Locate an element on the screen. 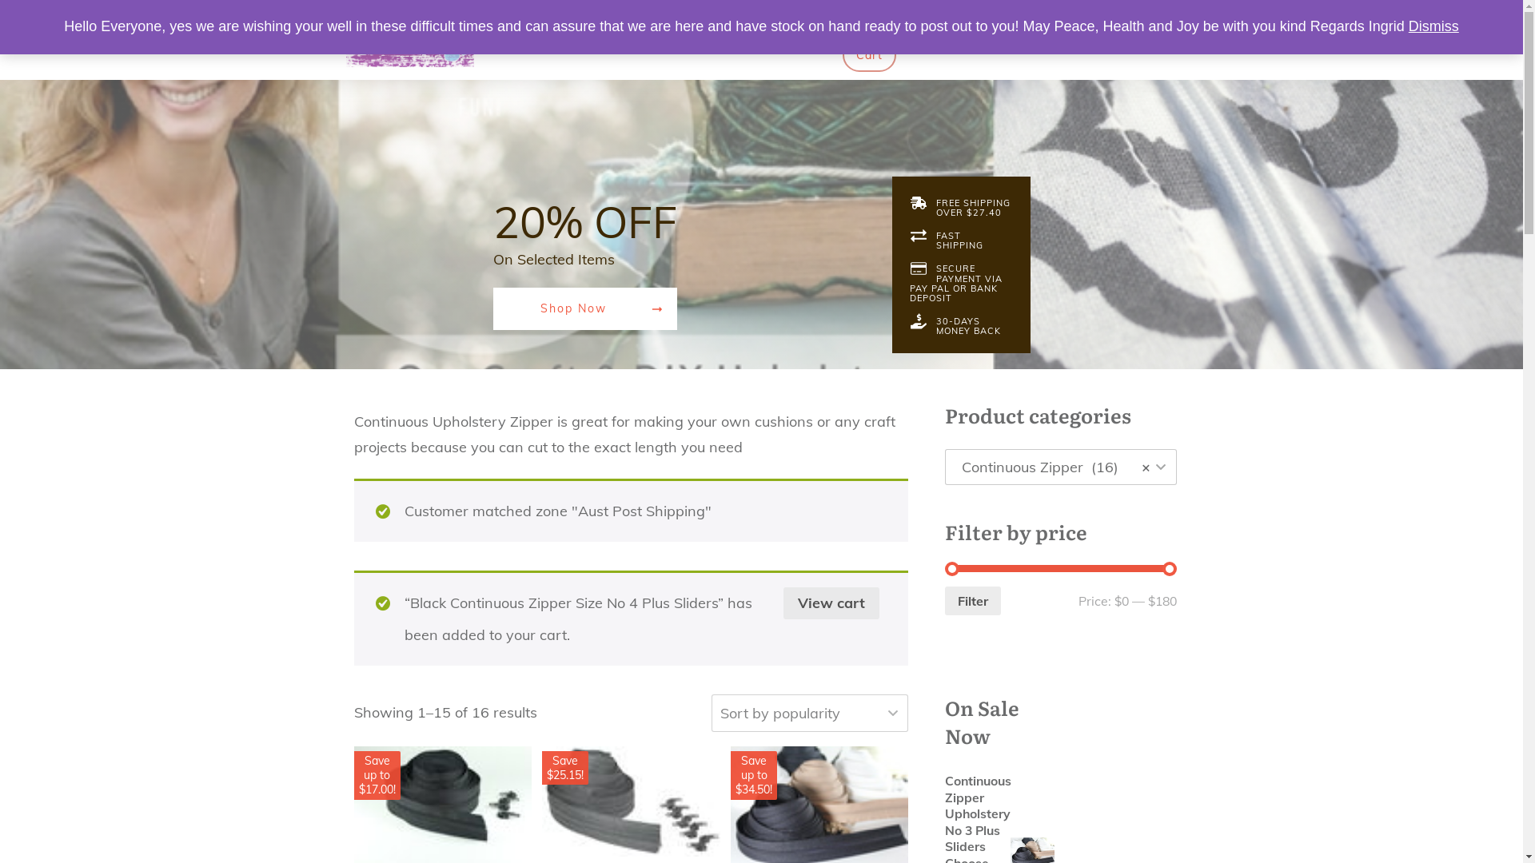 This screenshot has height=863, width=1535. 'Filter' is located at coordinates (972, 601).